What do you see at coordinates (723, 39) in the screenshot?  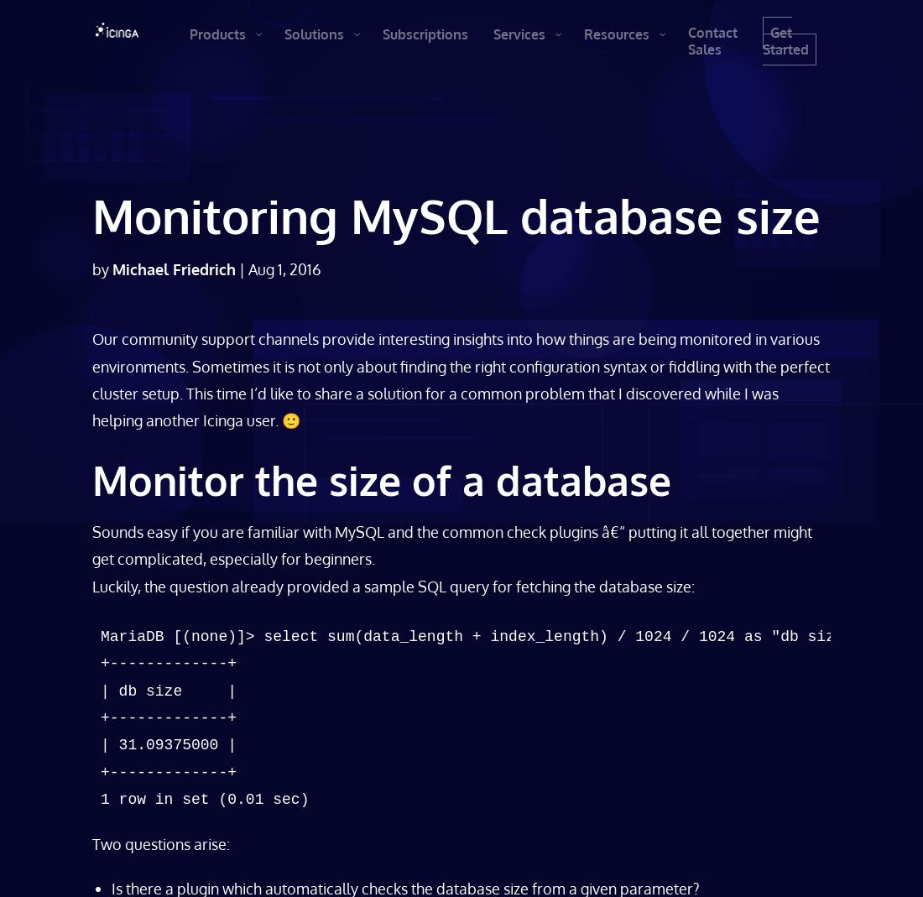 I see `'Contact Sales'` at bounding box center [723, 39].